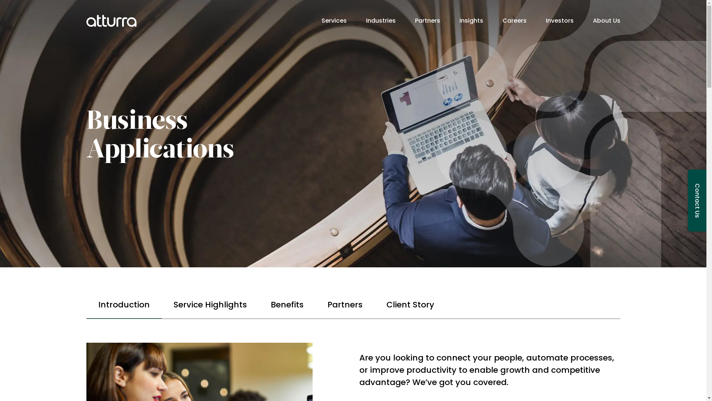  Describe the element at coordinates (606, 20) in the screenshot. I see `'About Us'` at that location.